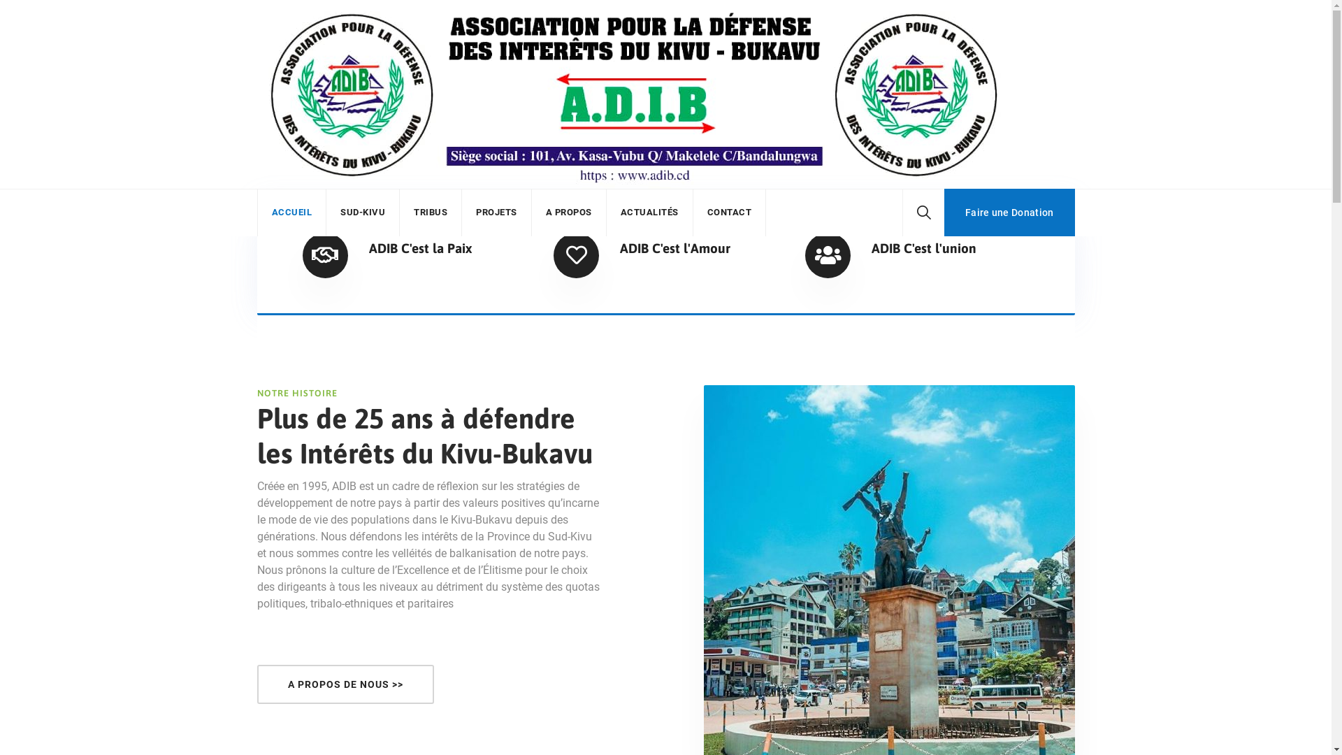 The height and width of the screenshot is (755, 1342). What do you see at coordinates (345, 684) in the screenshot?
I see `'A PROPOS DE NOUS >>'` at bounding box center [345, 684].